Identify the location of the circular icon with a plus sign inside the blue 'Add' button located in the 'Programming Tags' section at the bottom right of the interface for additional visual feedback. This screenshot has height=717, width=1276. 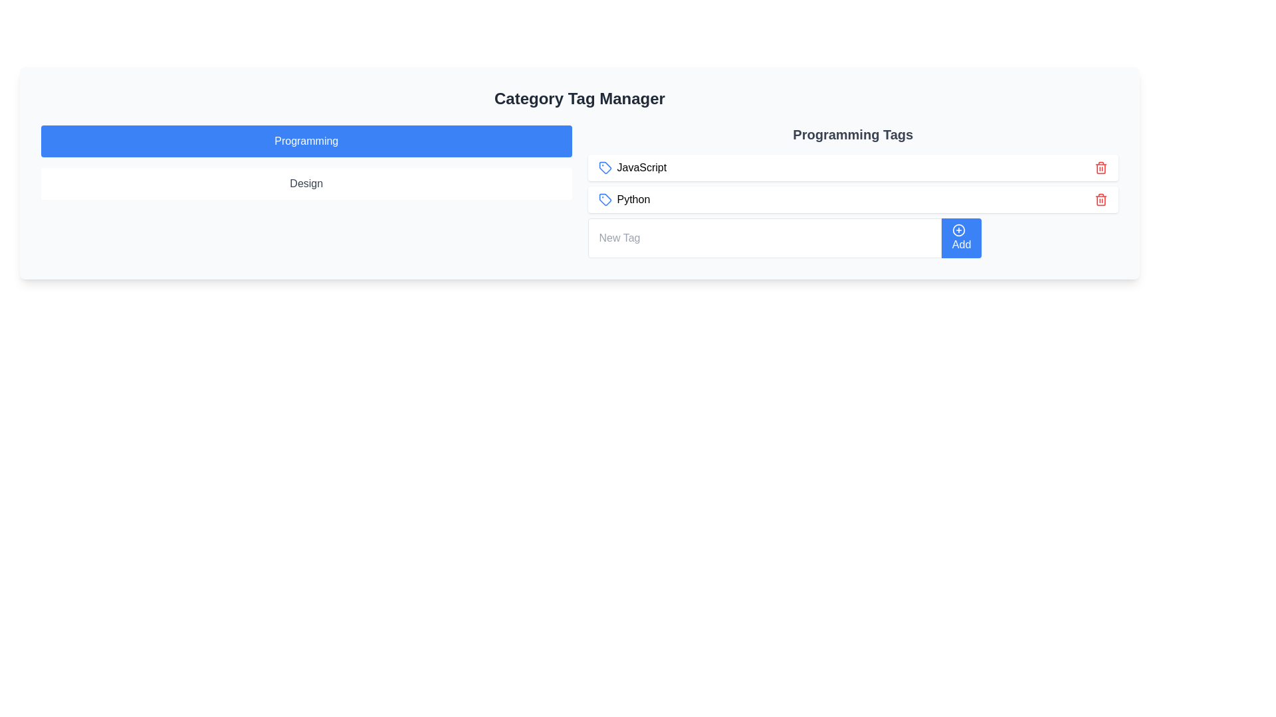
(958, 230).